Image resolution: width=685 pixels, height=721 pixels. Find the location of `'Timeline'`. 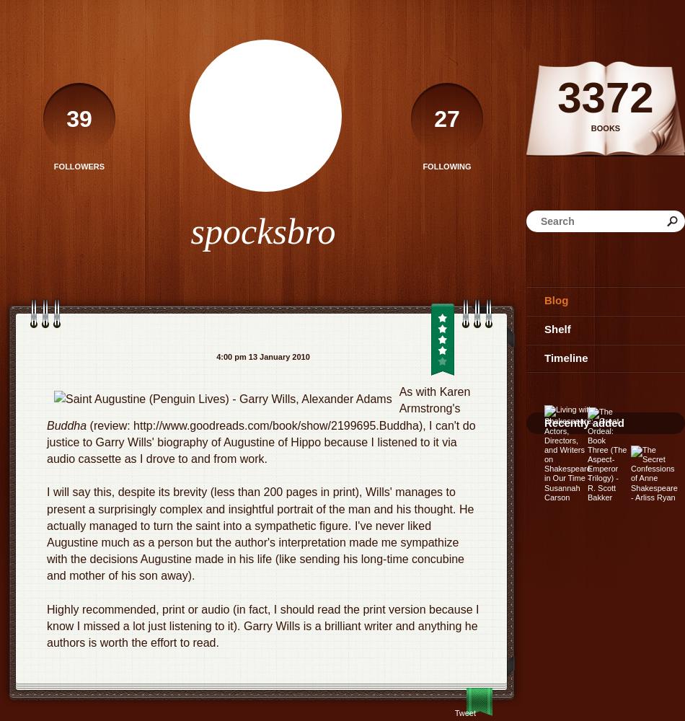

'Timeline' is located at coordinates (565, 357).